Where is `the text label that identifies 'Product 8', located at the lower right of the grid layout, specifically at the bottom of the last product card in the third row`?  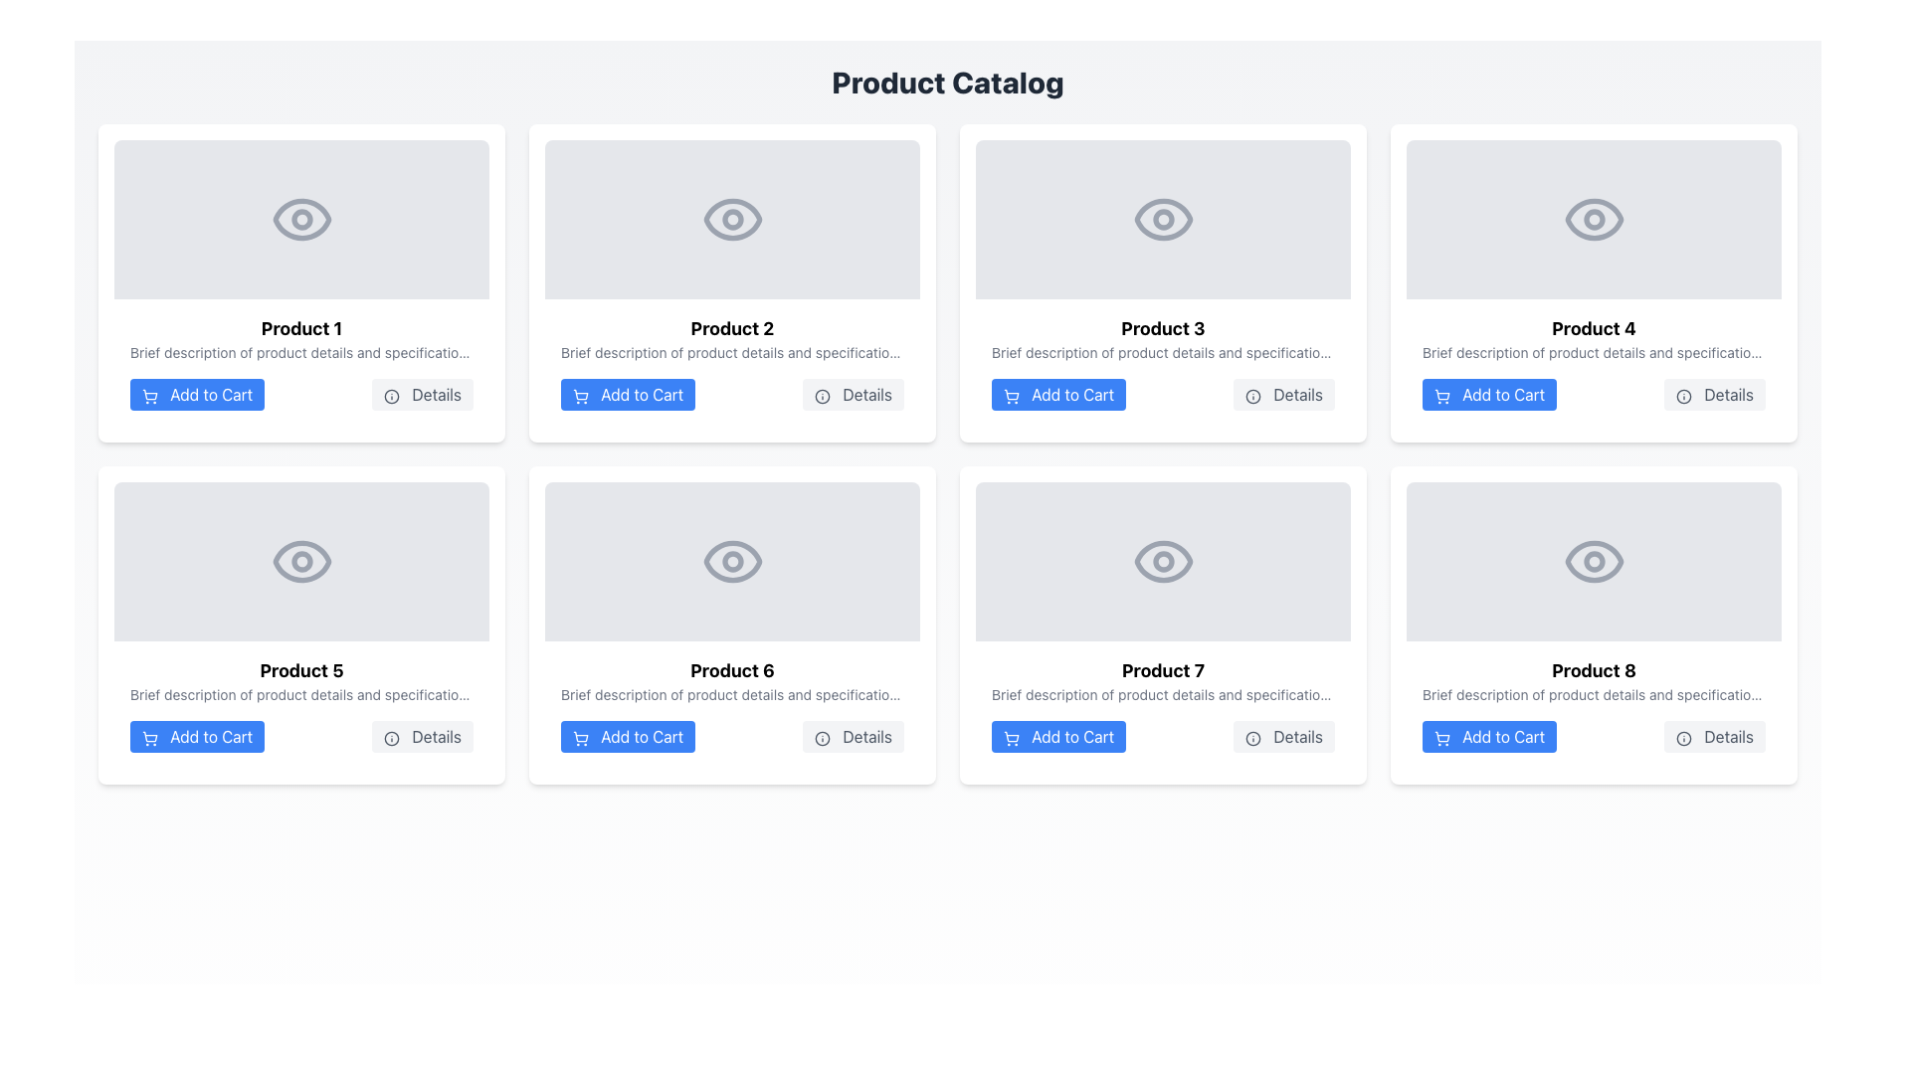
the text label that identifies 'Product 8', located at the lower right of the grid layout, specifically at the bottom of the last product card in the third row is located at coordinates (1594, 671).